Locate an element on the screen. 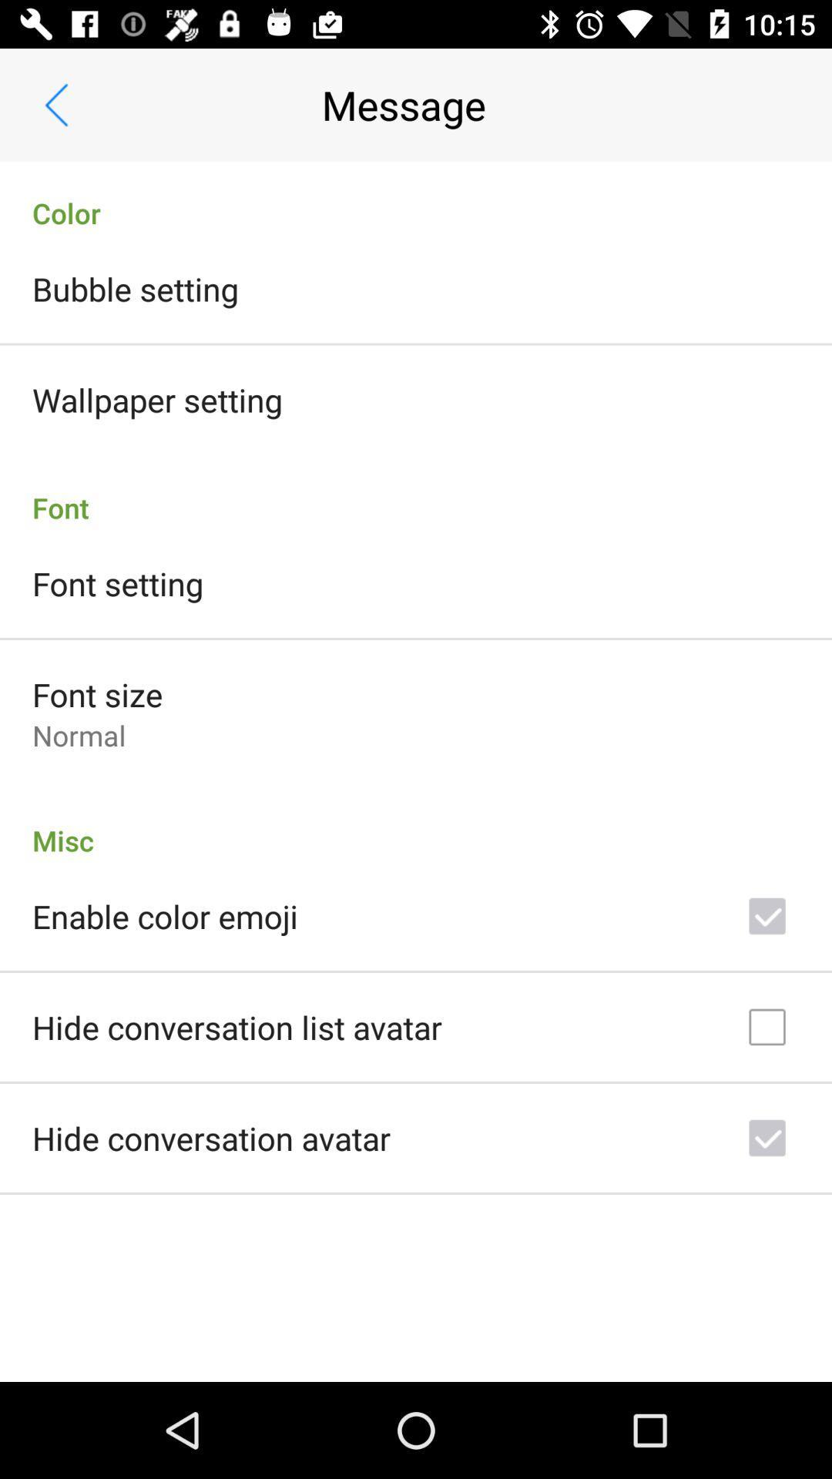  enable color emoji icon is located at coordinates (165, 916).